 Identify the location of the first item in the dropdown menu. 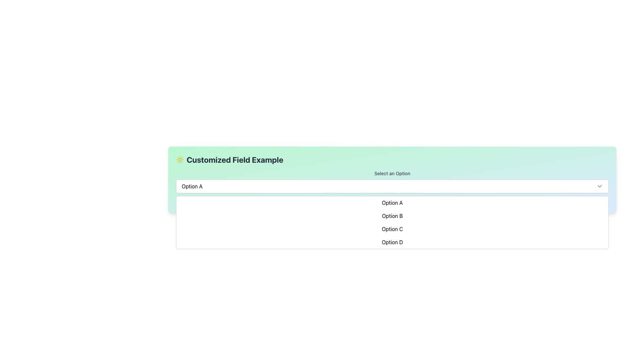
(412, 201).